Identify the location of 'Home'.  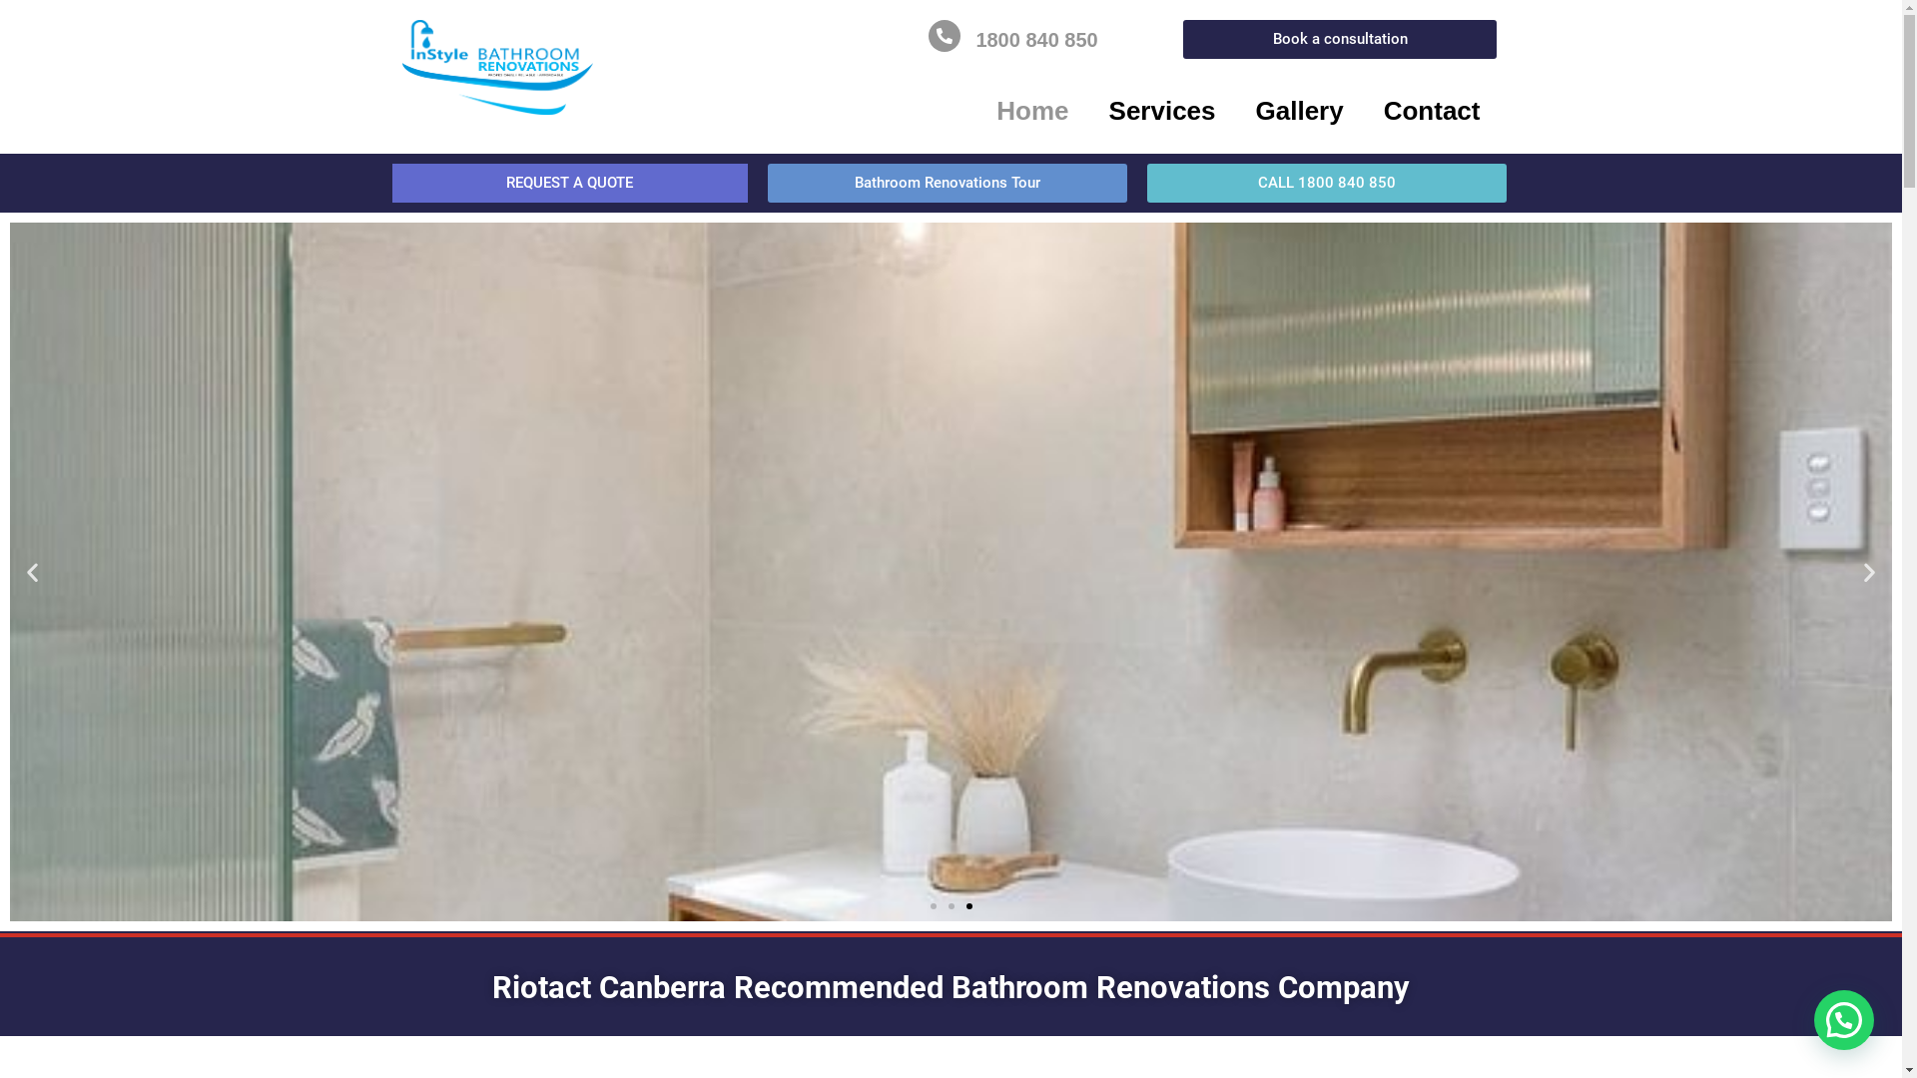
(1031, 111).